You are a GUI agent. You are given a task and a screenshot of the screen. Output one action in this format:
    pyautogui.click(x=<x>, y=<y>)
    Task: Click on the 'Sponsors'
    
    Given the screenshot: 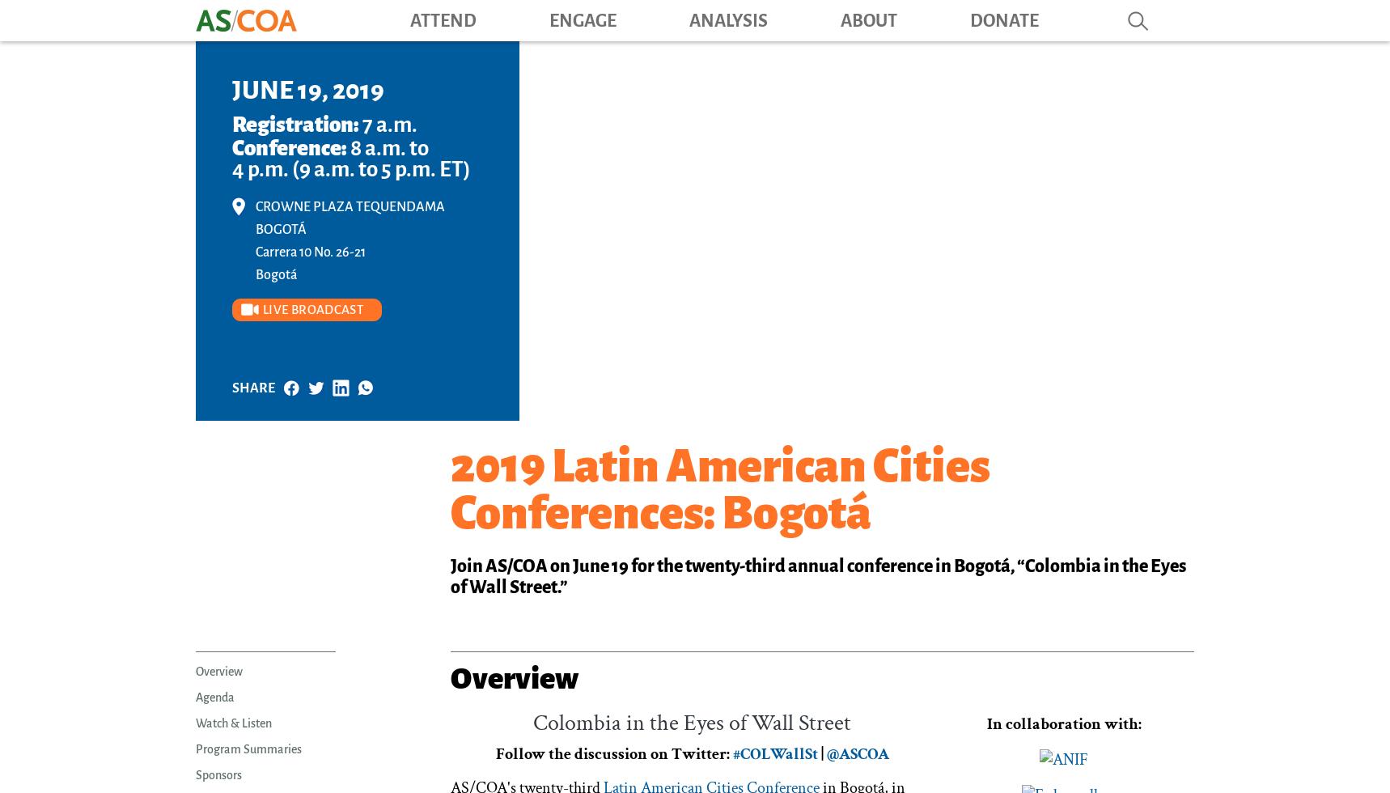 What is the action you would take?
    pyautogui.click(x=195, y=775)
    